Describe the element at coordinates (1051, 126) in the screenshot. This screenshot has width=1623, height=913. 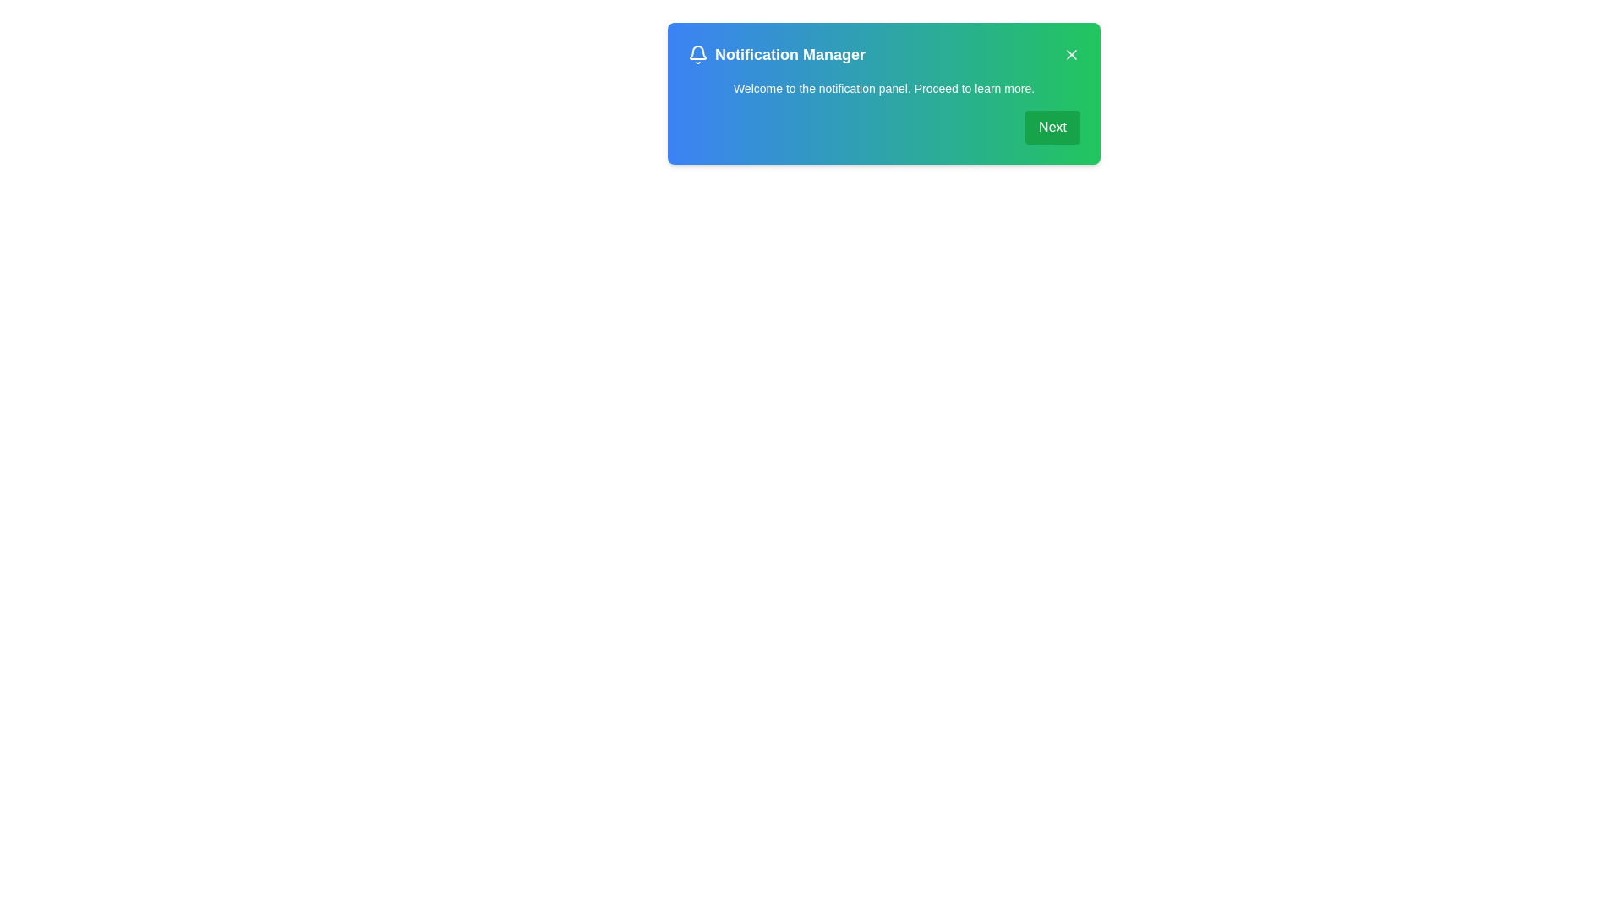
I see `the 'Next' button to proceed to the next step` at that location.